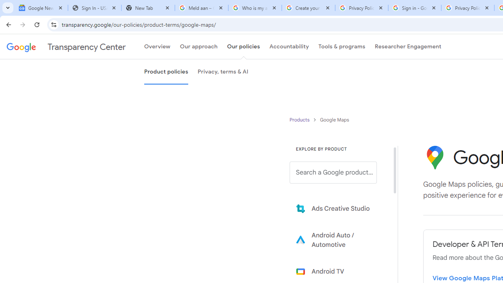 The image size is (503, 283). Describe the element at coordinates (94, 8) in the screenshot. I see `'Sign In - USA TODAY'` at that location.